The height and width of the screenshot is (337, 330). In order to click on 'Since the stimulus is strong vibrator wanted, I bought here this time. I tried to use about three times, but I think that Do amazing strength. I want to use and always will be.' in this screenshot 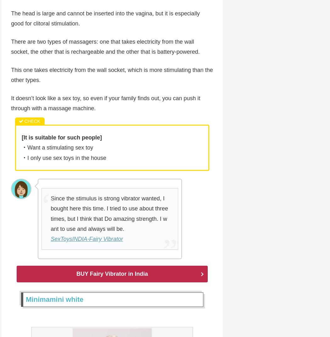, I will do `click(109, 214)`.